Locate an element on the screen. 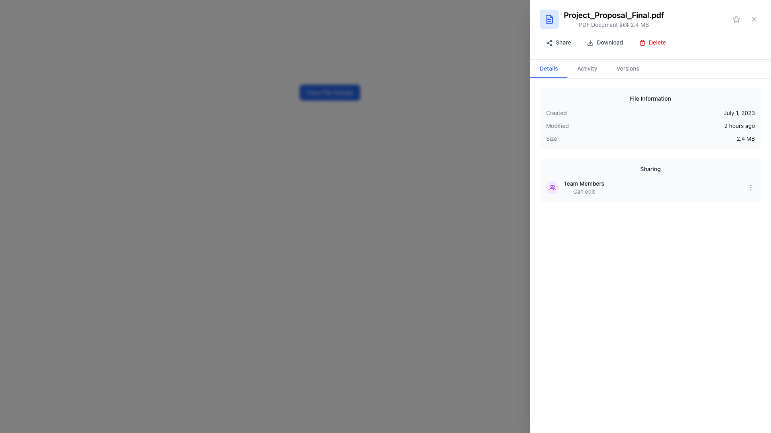  the star-shaped icon located at the top right of the interface is located at coordinates (736, 18).